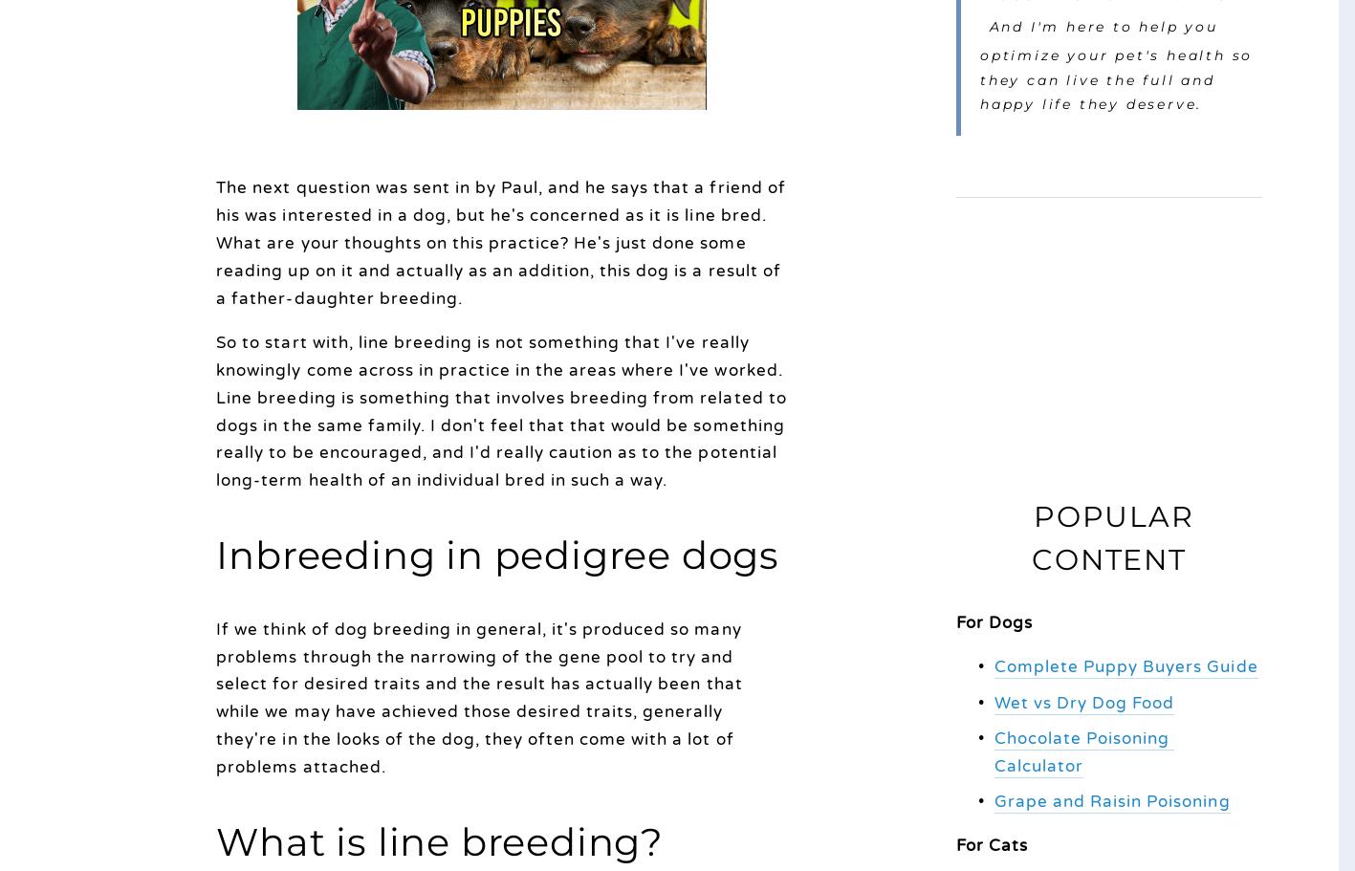 The image size is (1355, 871). What do you see at coordinates (438, 840) in the screenshot?
I see `'What is line breeding?'` at bounding box center [438, 840].